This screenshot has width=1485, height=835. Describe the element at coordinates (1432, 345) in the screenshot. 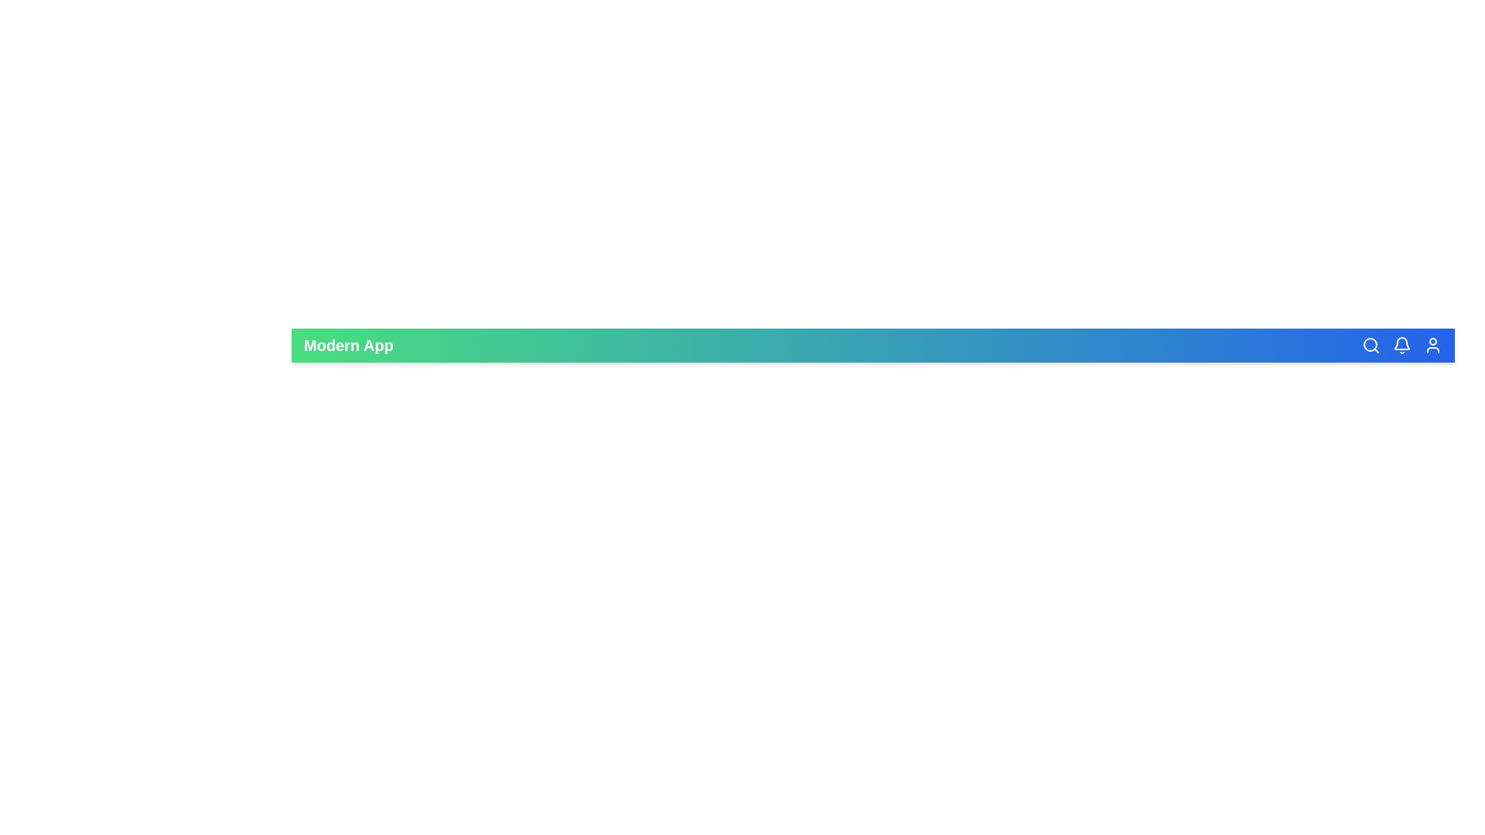

I see `the profile icon in the app bar` at that location.